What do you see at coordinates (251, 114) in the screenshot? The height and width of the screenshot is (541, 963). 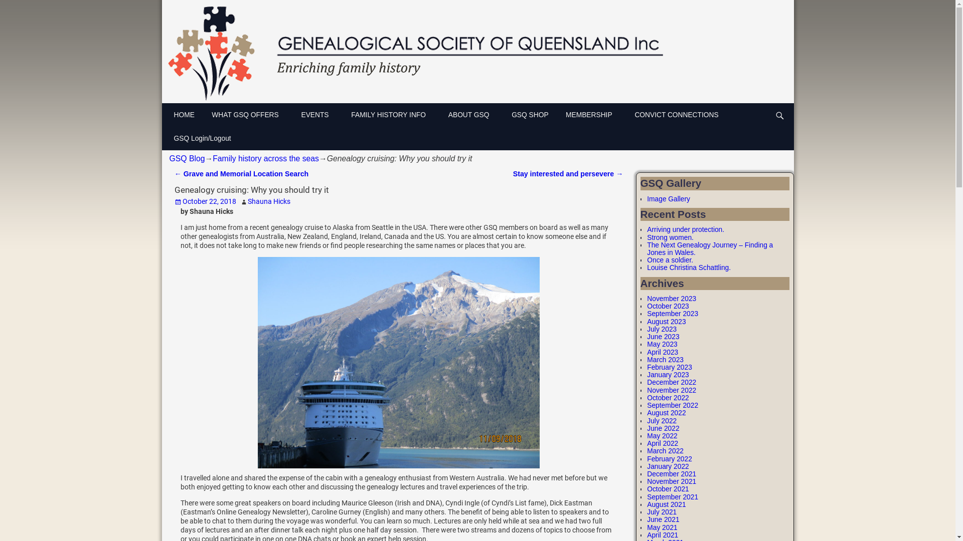 I see `'WHAT GSQ OFFERS'` at bounding box center [251, 114].